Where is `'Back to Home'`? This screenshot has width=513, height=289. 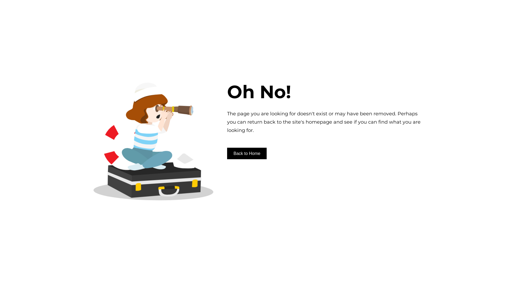
'Back to Home' is located at coordinates (227, 153).